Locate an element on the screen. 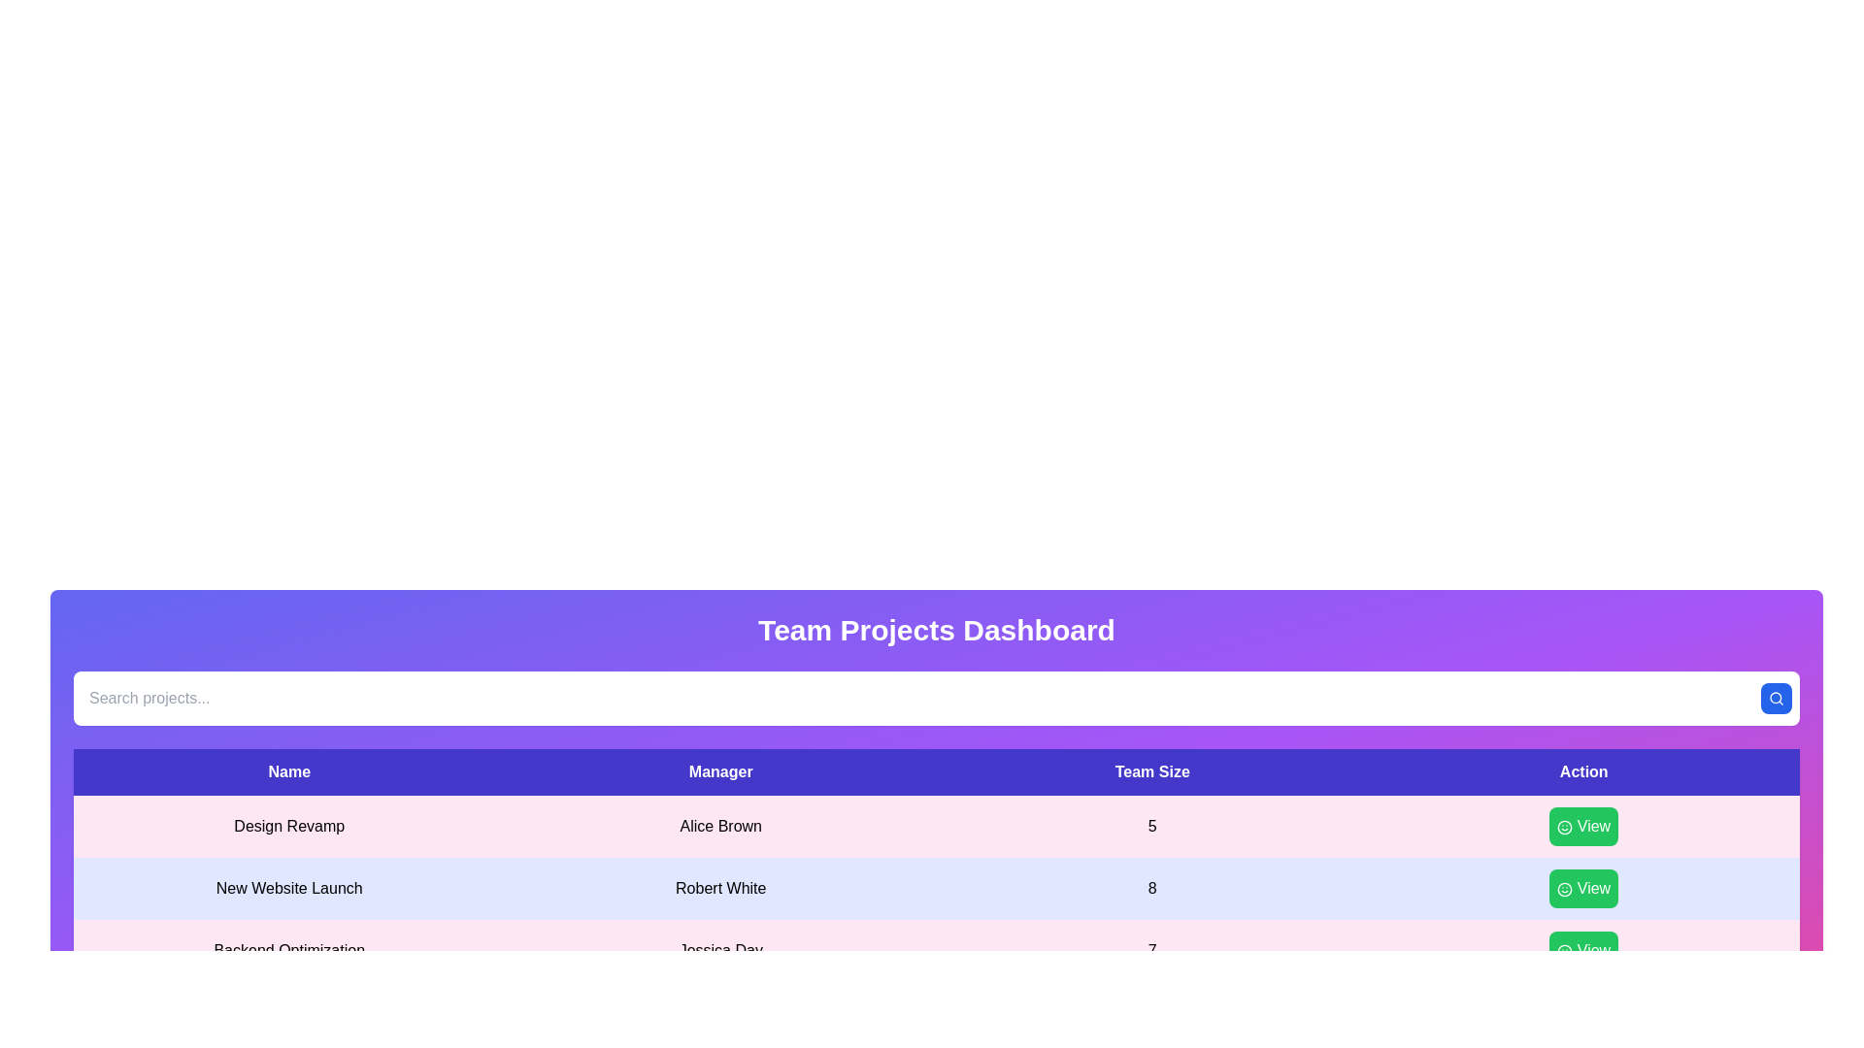 Image resolution: width=1864 pixels, height=1048 pixels. the green 'View' button with a smiley icon in the 'Action' column of the first row for the project 'Design Revamp' is located at coordinates (1583, 827).